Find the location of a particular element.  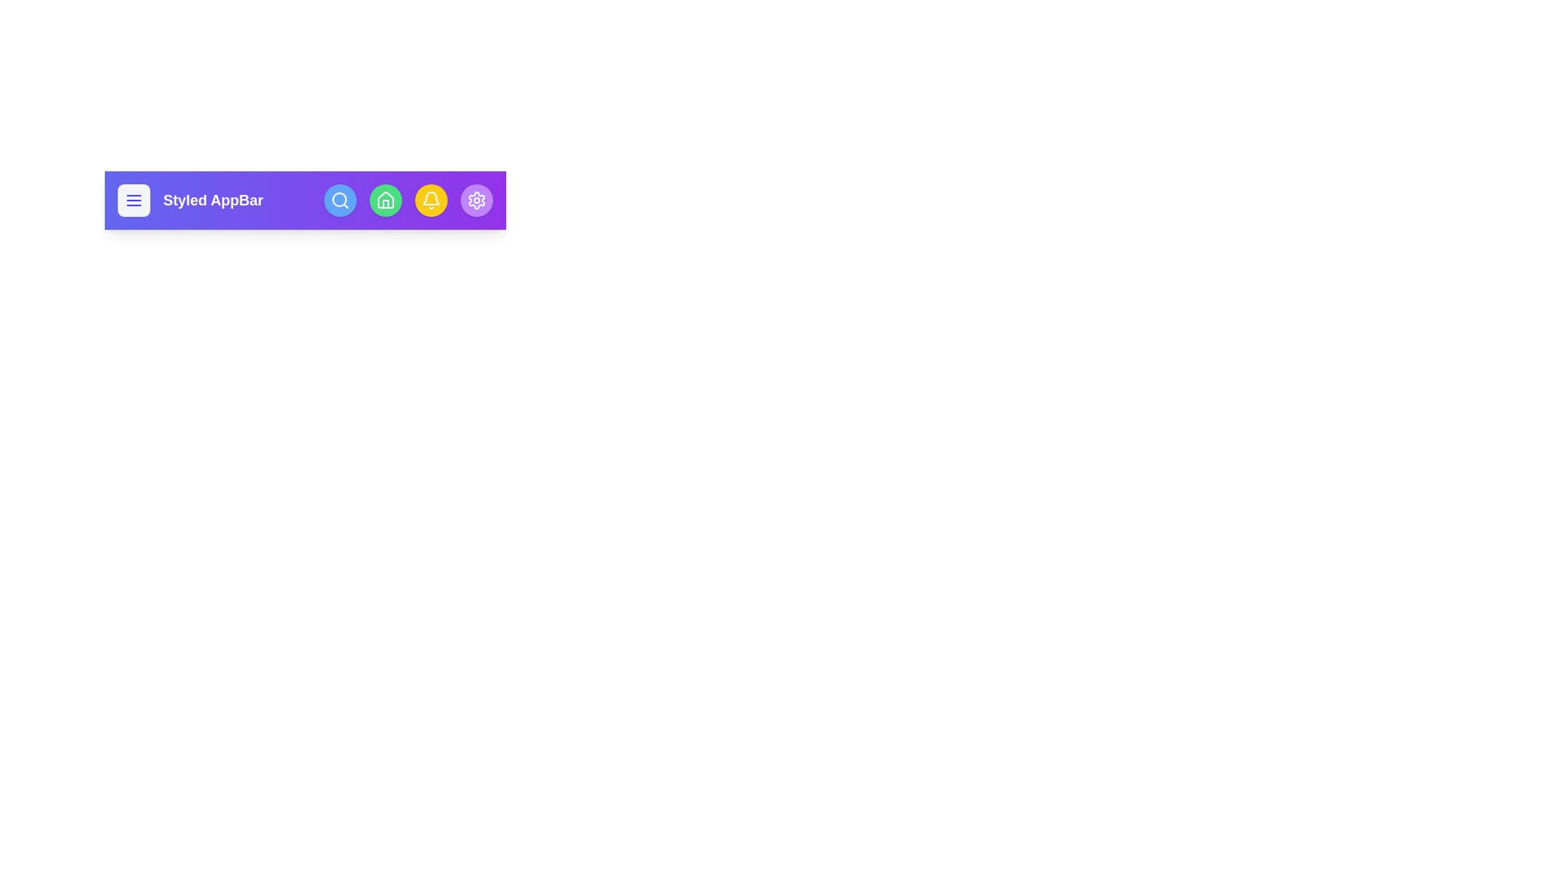

the settings icon in the StyledAppBar is located at coordinates (475, 199).